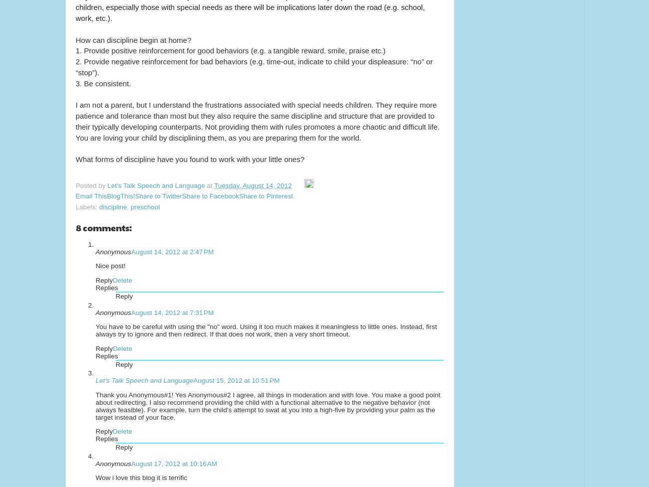  Describe the element at coordinates (103, 227) in the screenshot. I see `'8 comments:'` at that location.